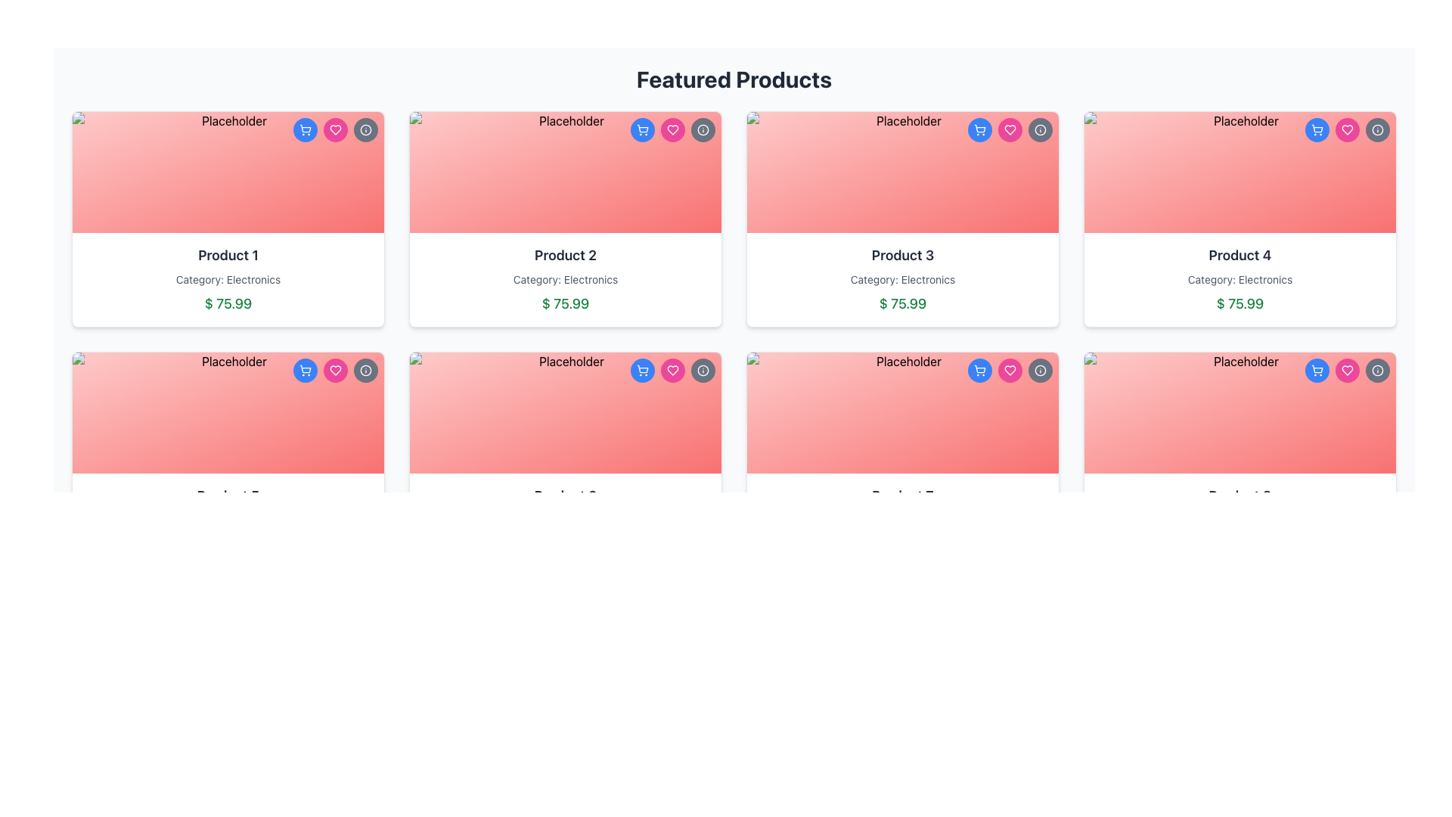 The height and width of the screenshot is (817, 1452). I want to click on the 'Favorite' icon button, which is the third button from the left in the top-right control group of action buttons on the second product card in the grid layout, so click(672, 129).